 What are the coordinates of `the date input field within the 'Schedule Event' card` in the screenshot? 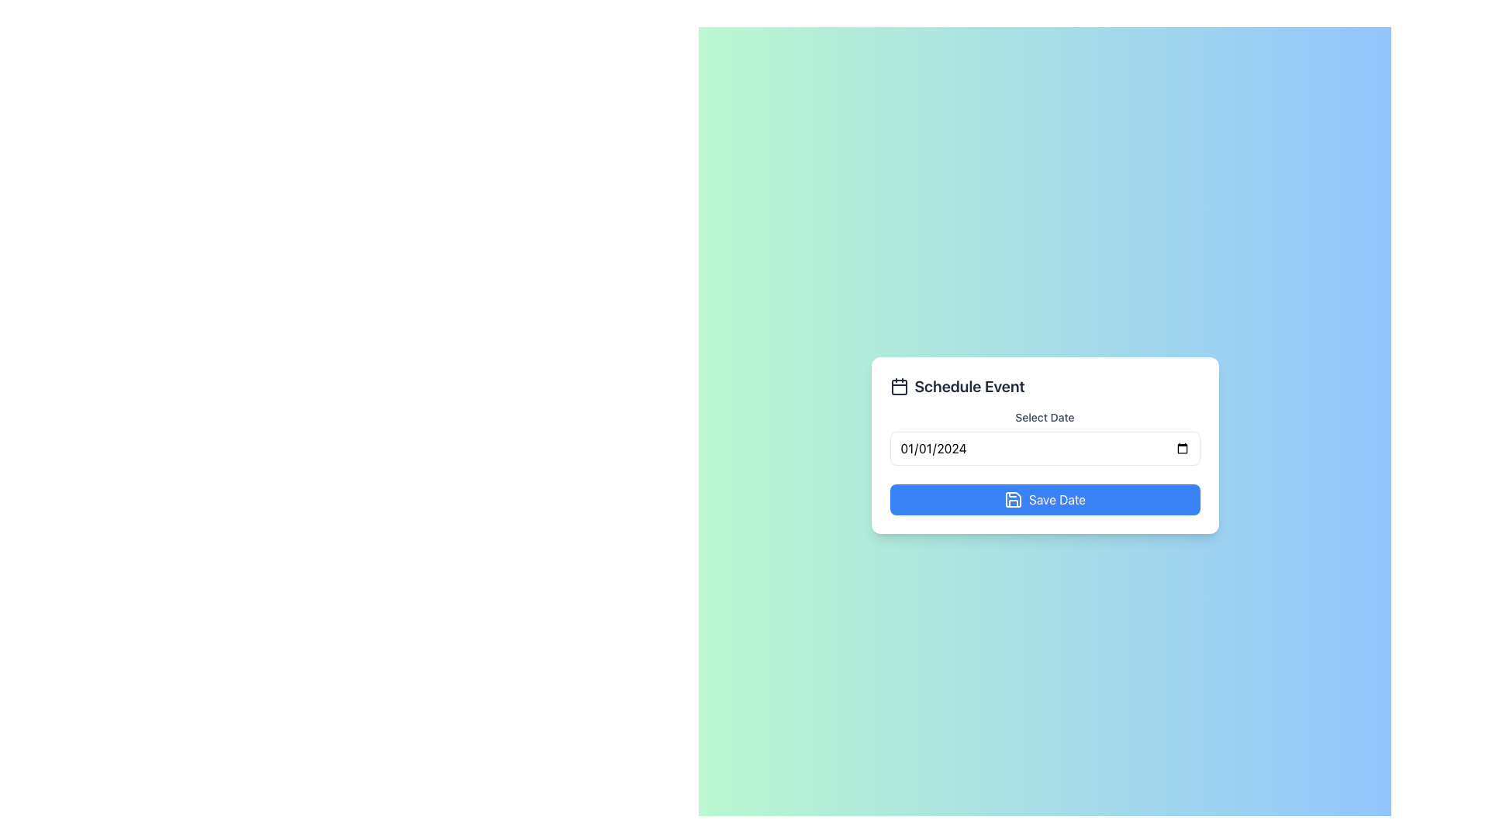 It's located at (1045, 462).